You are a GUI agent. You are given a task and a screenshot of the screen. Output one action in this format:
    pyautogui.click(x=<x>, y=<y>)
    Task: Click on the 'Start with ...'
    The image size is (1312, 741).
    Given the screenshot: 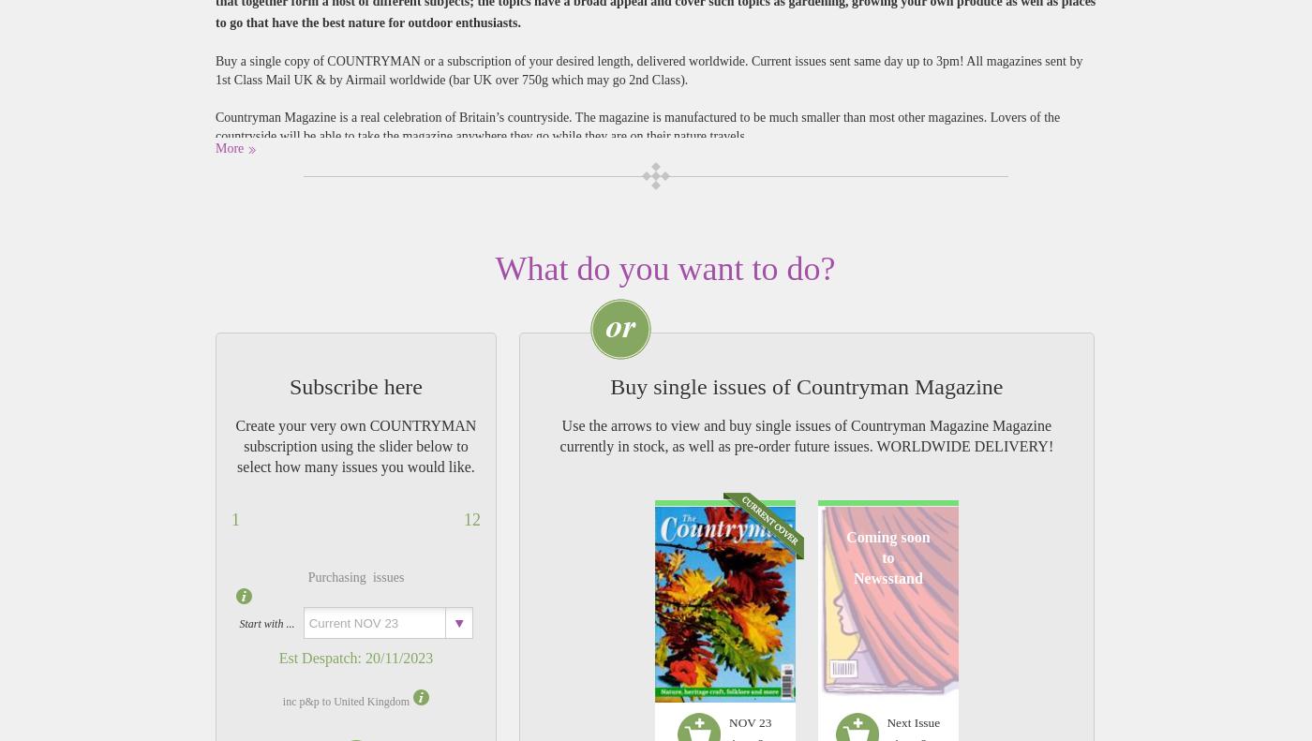 What is the action you would take?
    pyautogui.click(x=266, y=622)
    